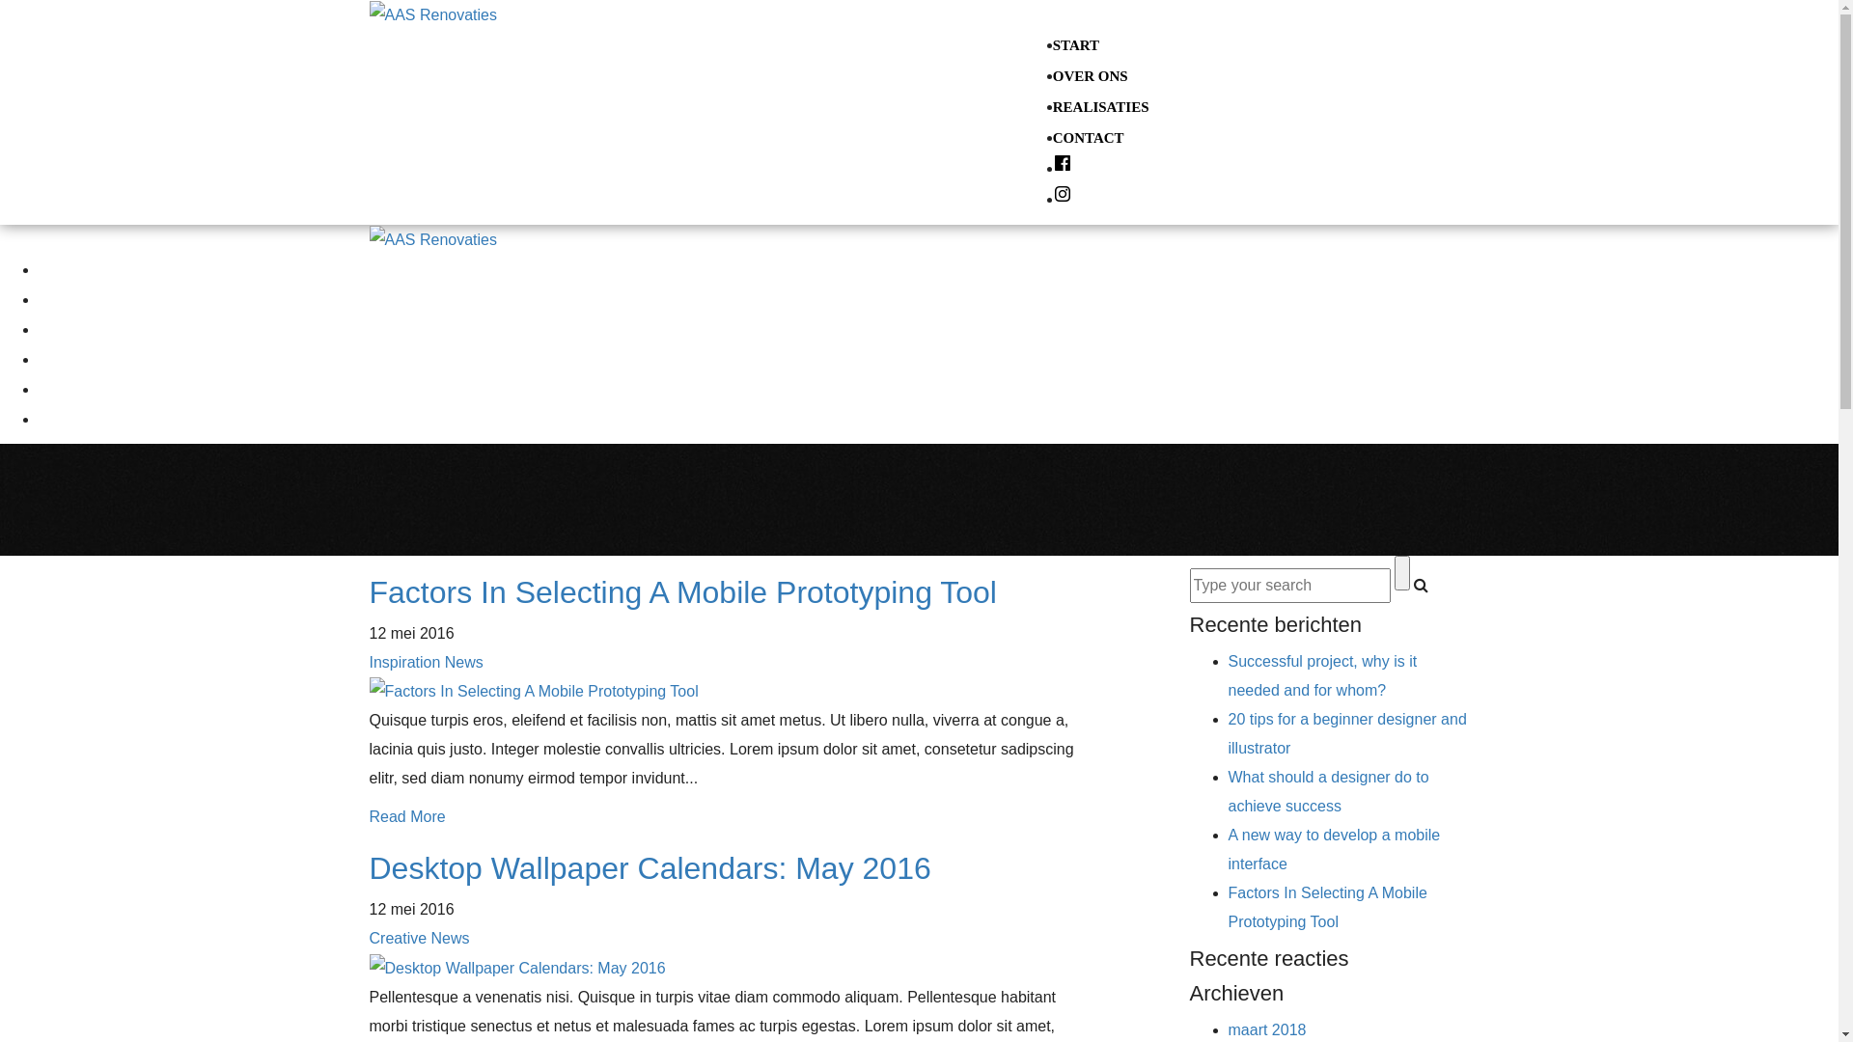 This screenshot has height=1042, width=1853. Describe the element at coordinates (1061, 167) in the screenshot. I see `'title="Facebook"'` at that location.